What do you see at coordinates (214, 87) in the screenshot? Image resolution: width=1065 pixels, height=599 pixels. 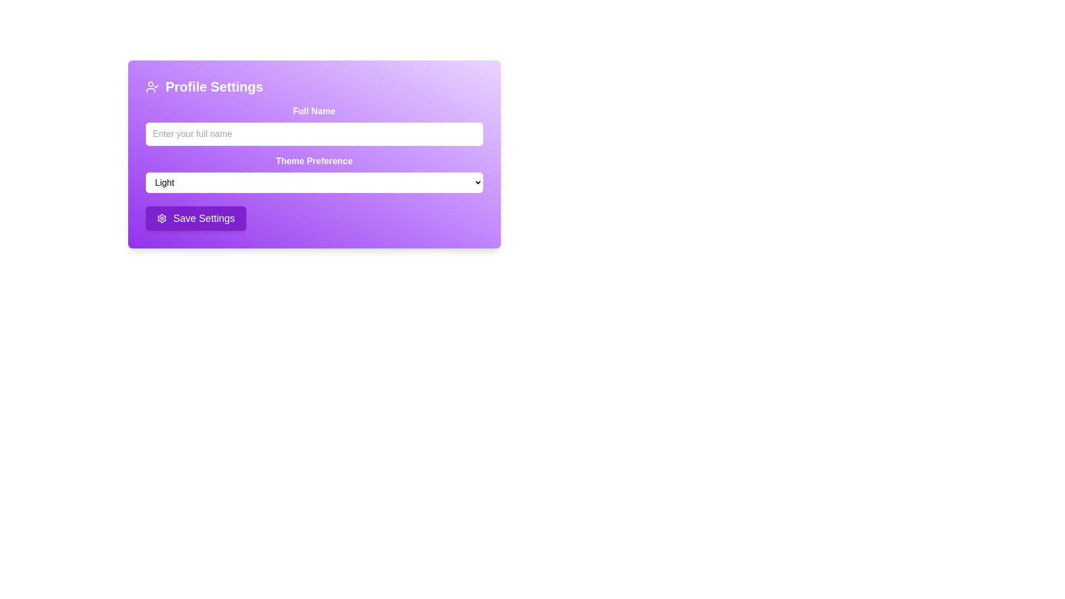 I see `the profile settings header text label, which is positioned between the user check icon and the main form elements` at bounding box center [214, 87].